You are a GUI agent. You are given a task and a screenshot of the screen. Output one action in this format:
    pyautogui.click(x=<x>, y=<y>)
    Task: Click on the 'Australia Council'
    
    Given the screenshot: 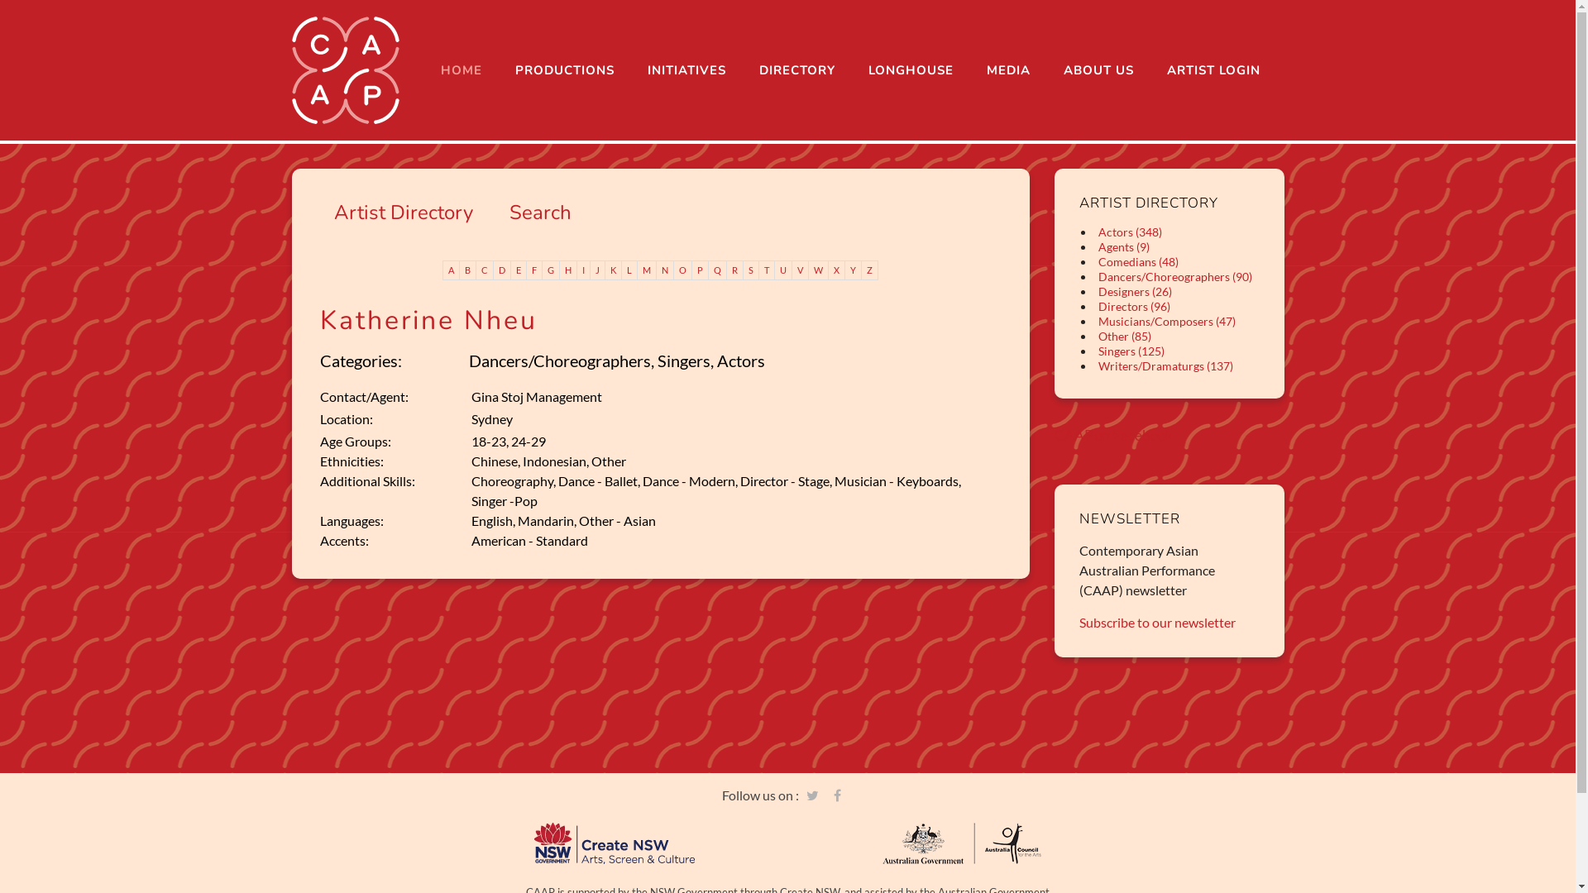 What is the action you would take?
    pyautogui.click(x=960, y=843)
    